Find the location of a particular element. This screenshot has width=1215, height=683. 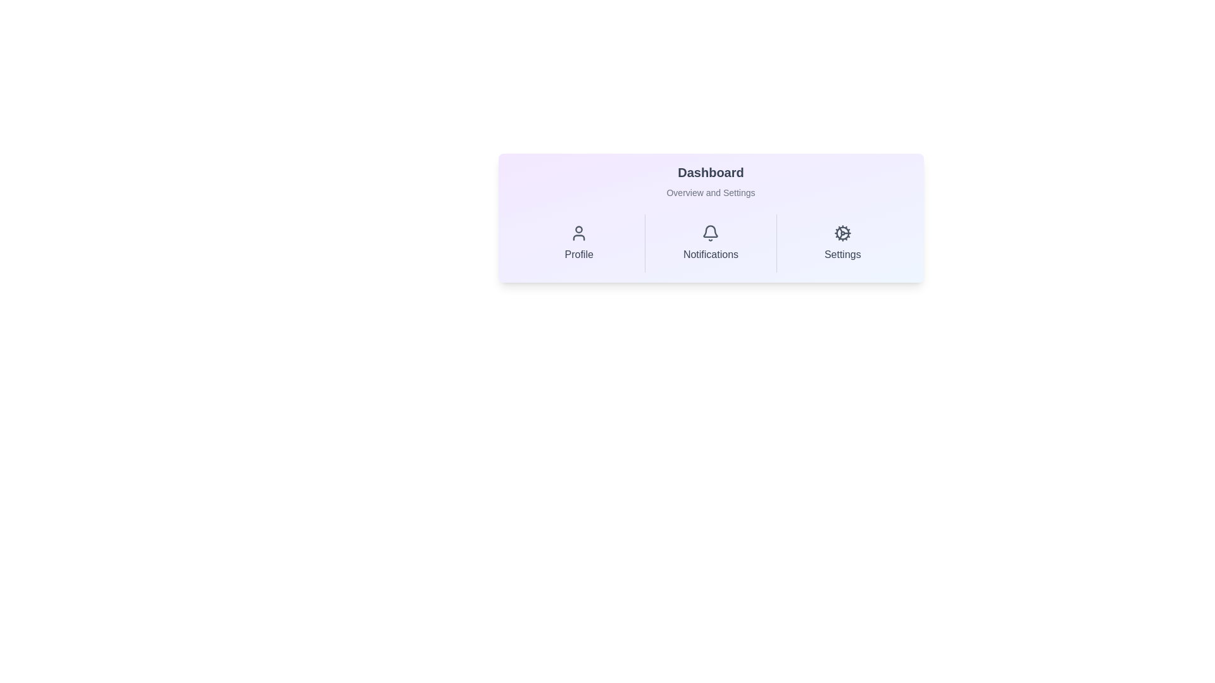

the circular shape of the cogwheel icon, which is gray in color and has a consistent stroke, located to the far right within the interface options row is located at coordinates (842, 233).